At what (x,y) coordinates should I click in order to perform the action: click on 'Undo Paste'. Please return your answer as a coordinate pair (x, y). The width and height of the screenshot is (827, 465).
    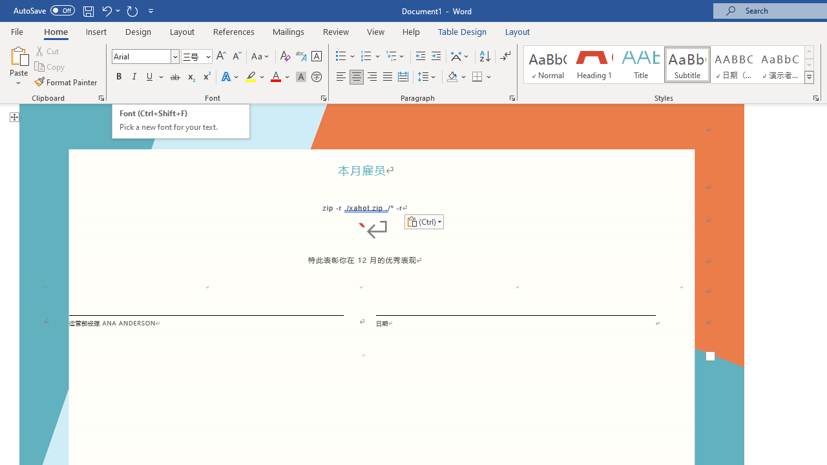
    Looking at the image, I should click on (110, 10).